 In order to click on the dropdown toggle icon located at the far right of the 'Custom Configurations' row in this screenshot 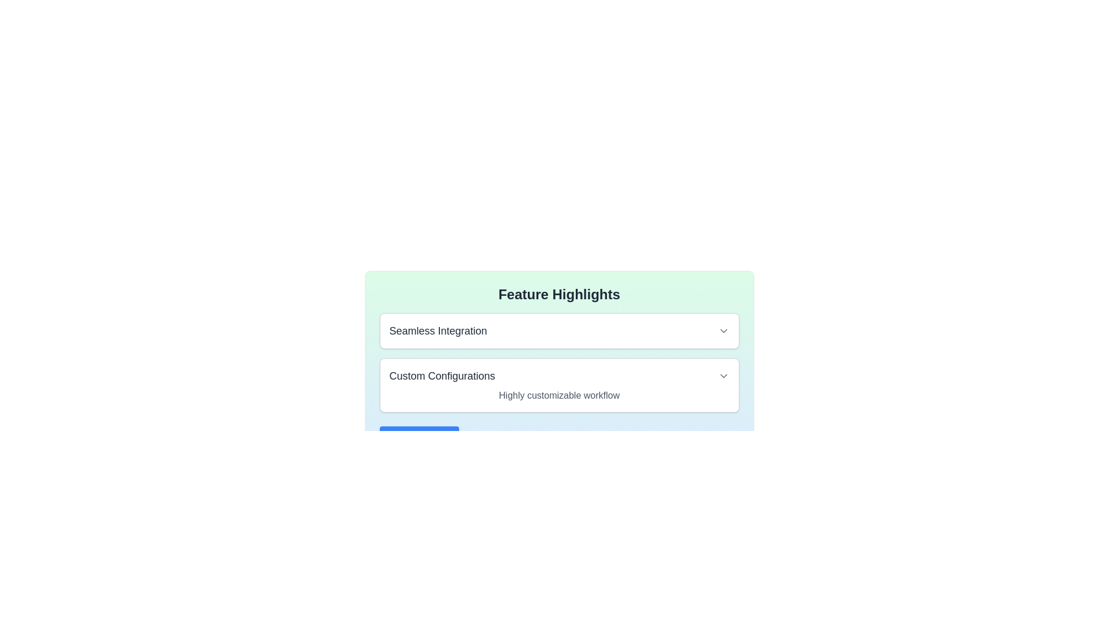, I will do `click(723, 376)`.